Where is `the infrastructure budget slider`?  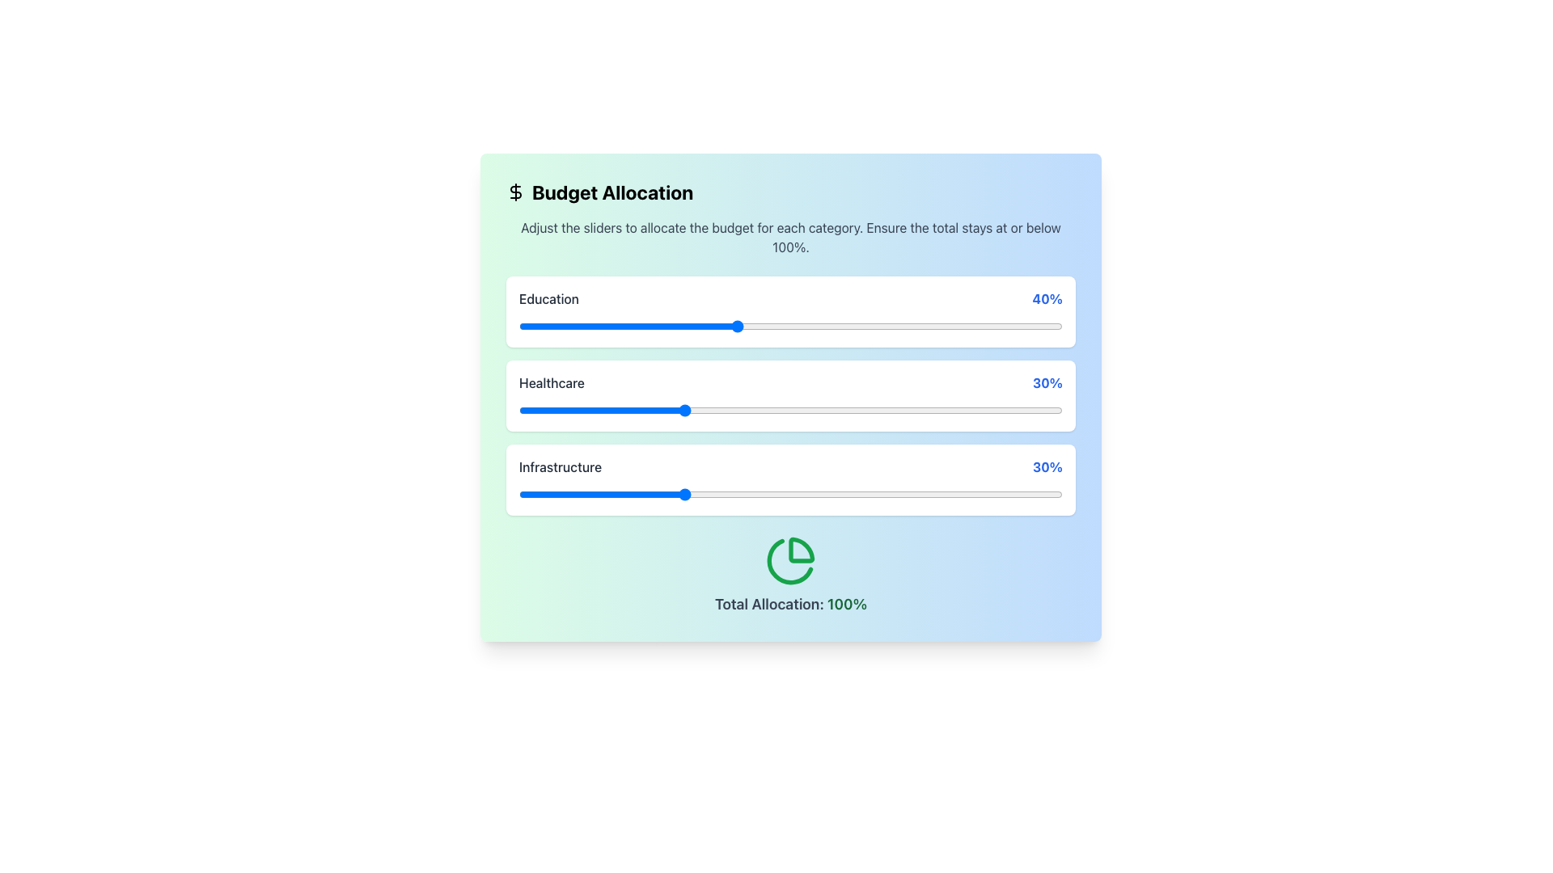
the infrastructure budget slider is located at coordinates (1041, 494).